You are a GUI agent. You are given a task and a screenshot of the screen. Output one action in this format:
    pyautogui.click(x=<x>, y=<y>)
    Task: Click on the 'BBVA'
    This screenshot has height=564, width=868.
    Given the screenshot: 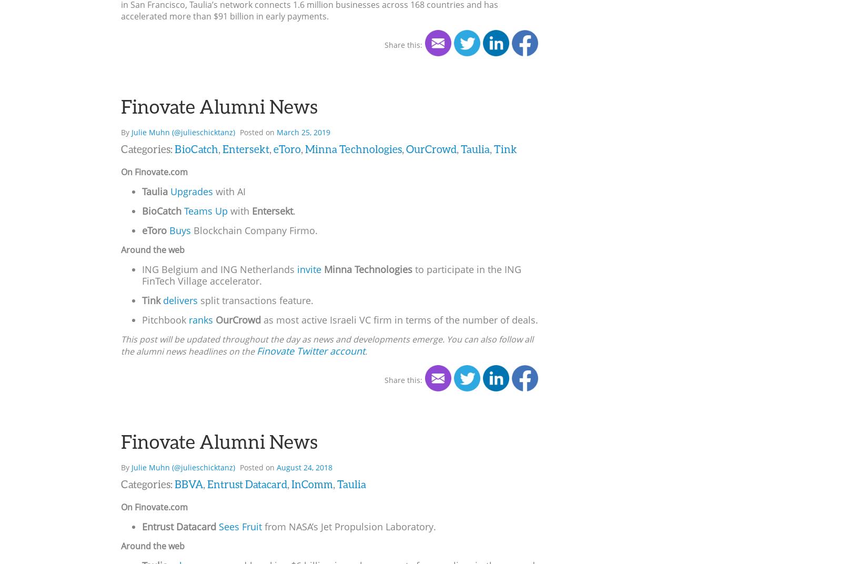 What is the action you would take?
    pyautogui.click(x=189, y=484)
    